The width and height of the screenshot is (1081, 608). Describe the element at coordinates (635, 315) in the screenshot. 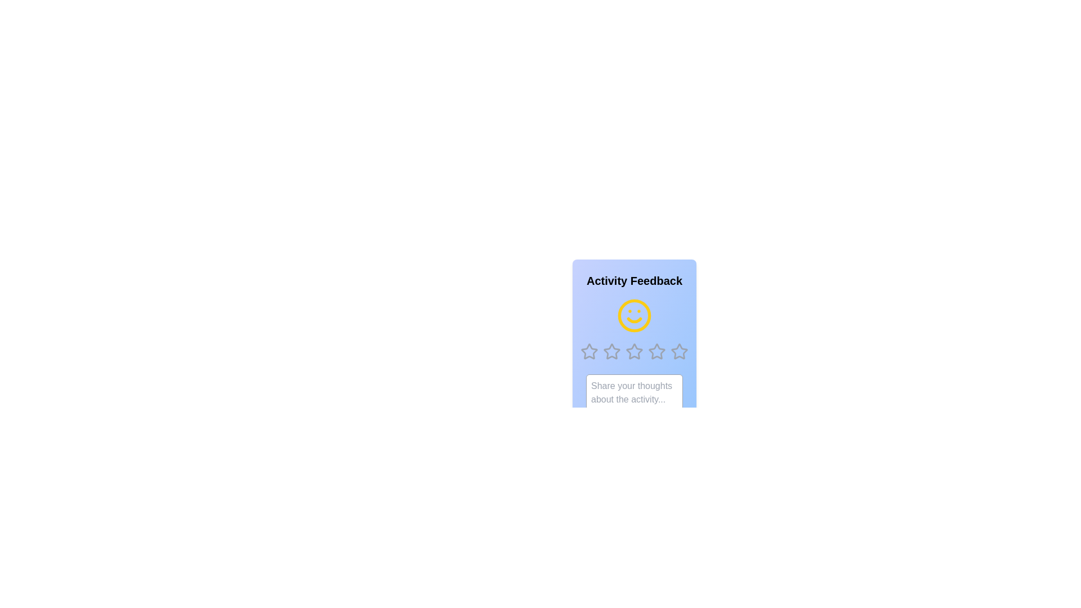

I see `the decorative Icon located centrally below the 'Activity Feedback' title and above the star icons within the feedback form card` at that location.